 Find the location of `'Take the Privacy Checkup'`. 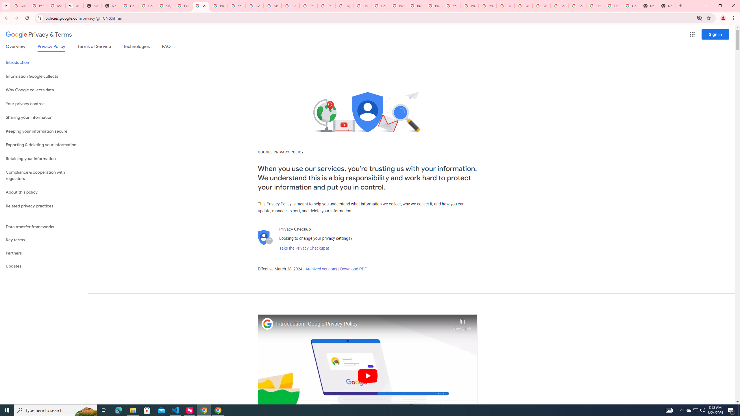

'Take the Privacy Checkup' is located at coordinates (304, 248).